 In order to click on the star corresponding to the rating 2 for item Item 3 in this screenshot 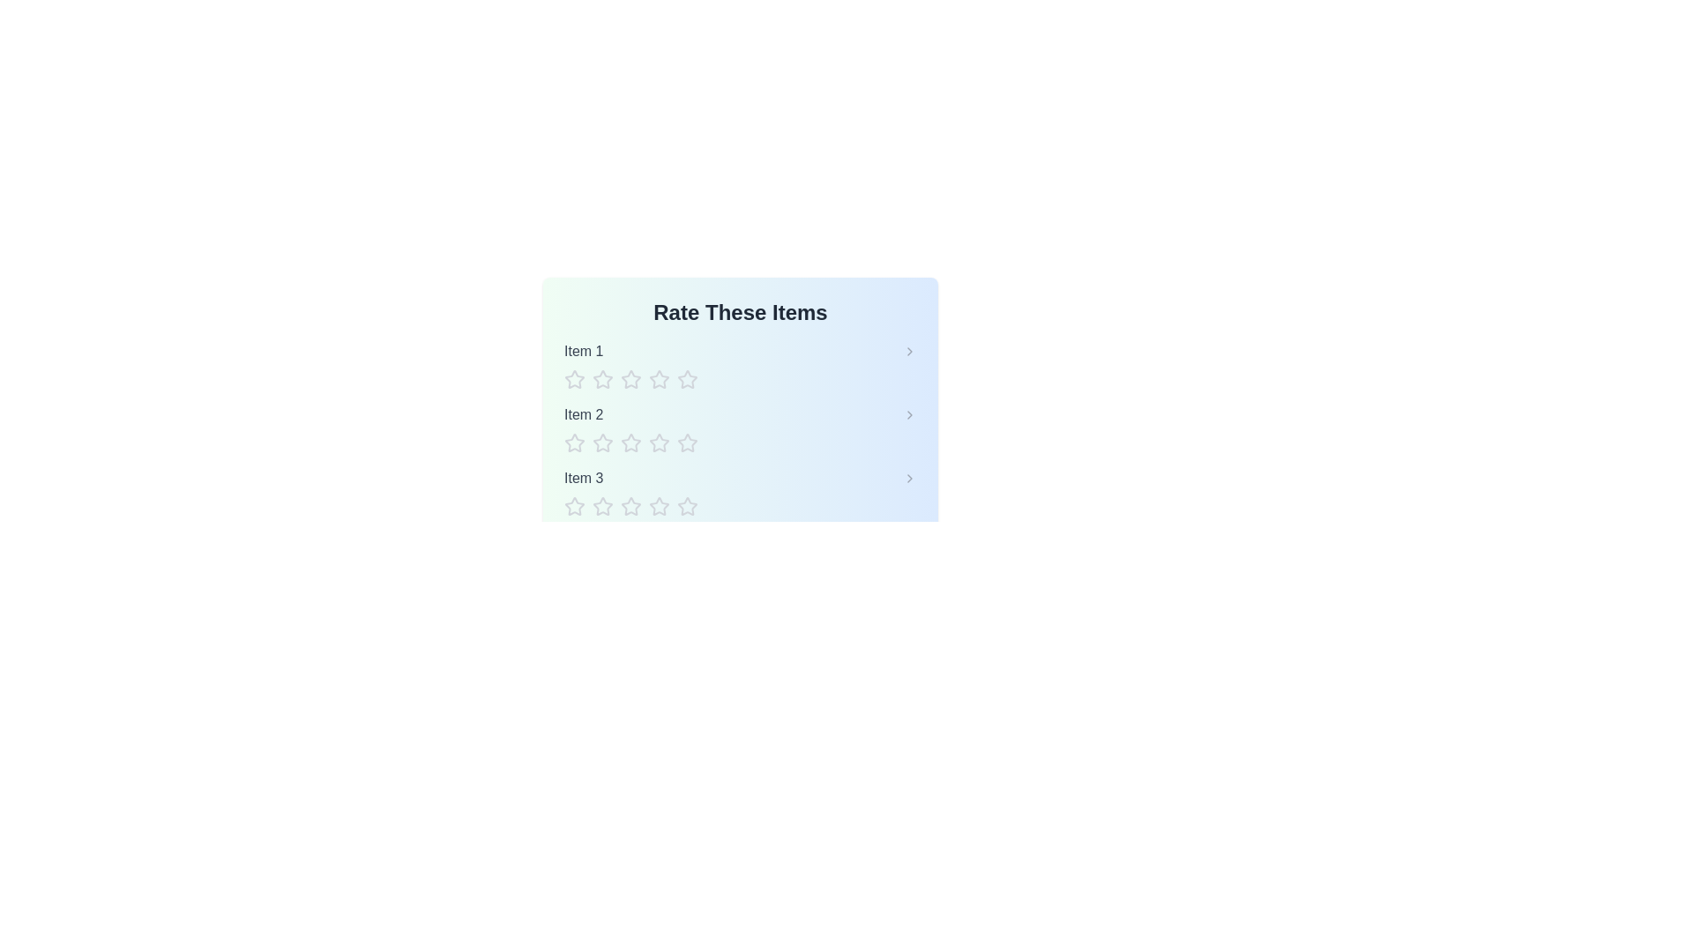, I will do `click(603, 506)`.